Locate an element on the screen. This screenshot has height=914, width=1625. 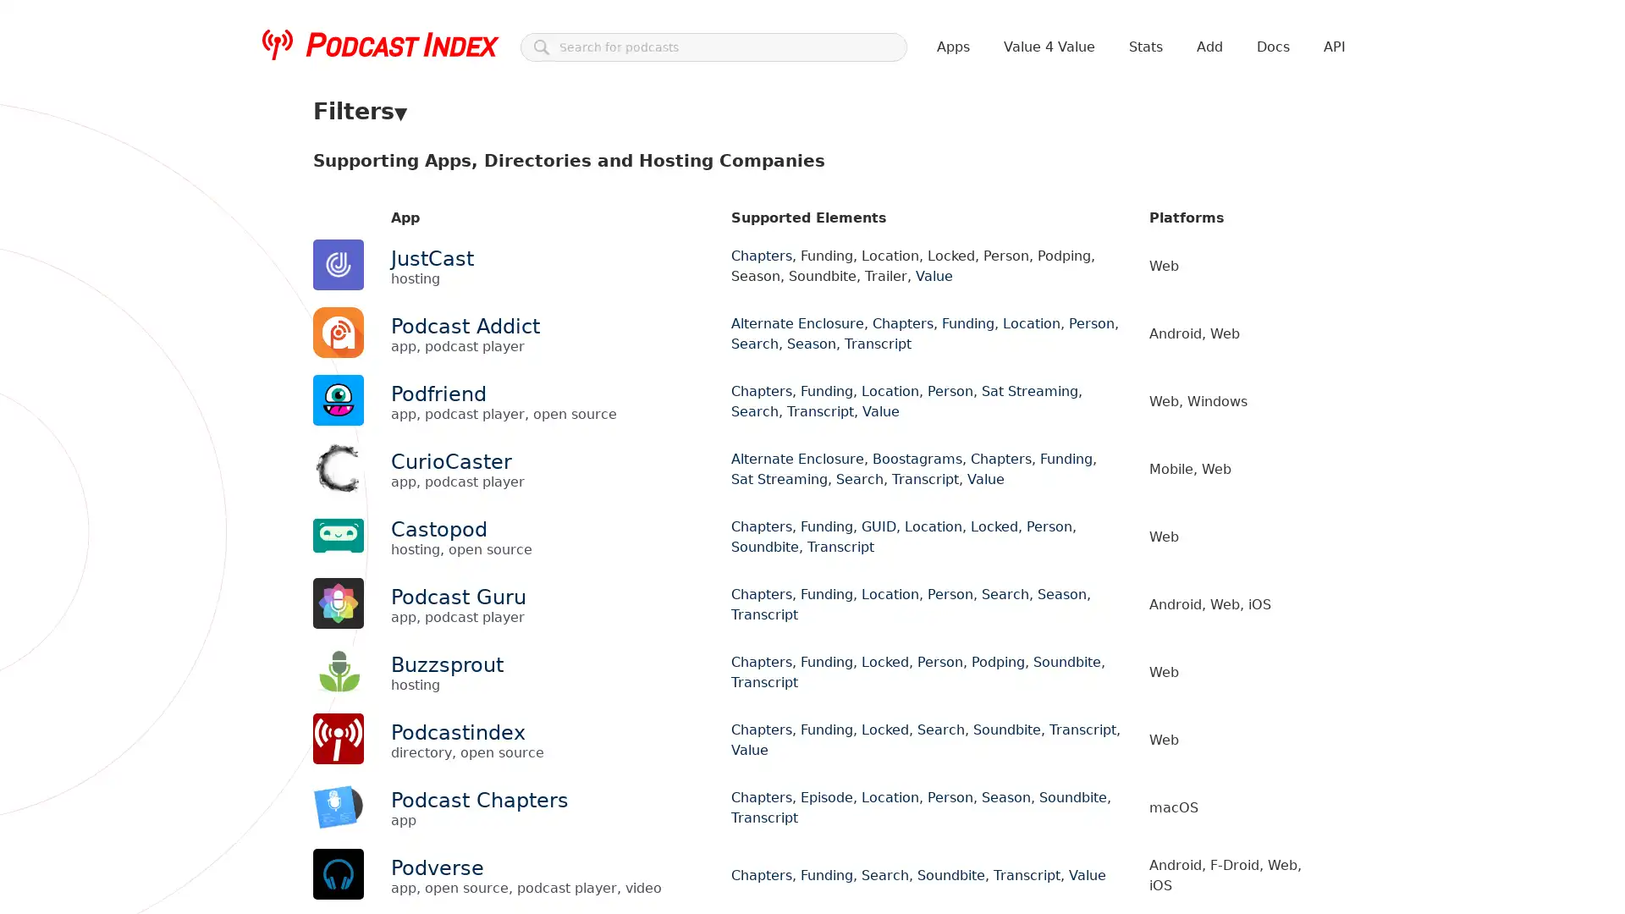
Trailer is located at coordinates (705, 288).